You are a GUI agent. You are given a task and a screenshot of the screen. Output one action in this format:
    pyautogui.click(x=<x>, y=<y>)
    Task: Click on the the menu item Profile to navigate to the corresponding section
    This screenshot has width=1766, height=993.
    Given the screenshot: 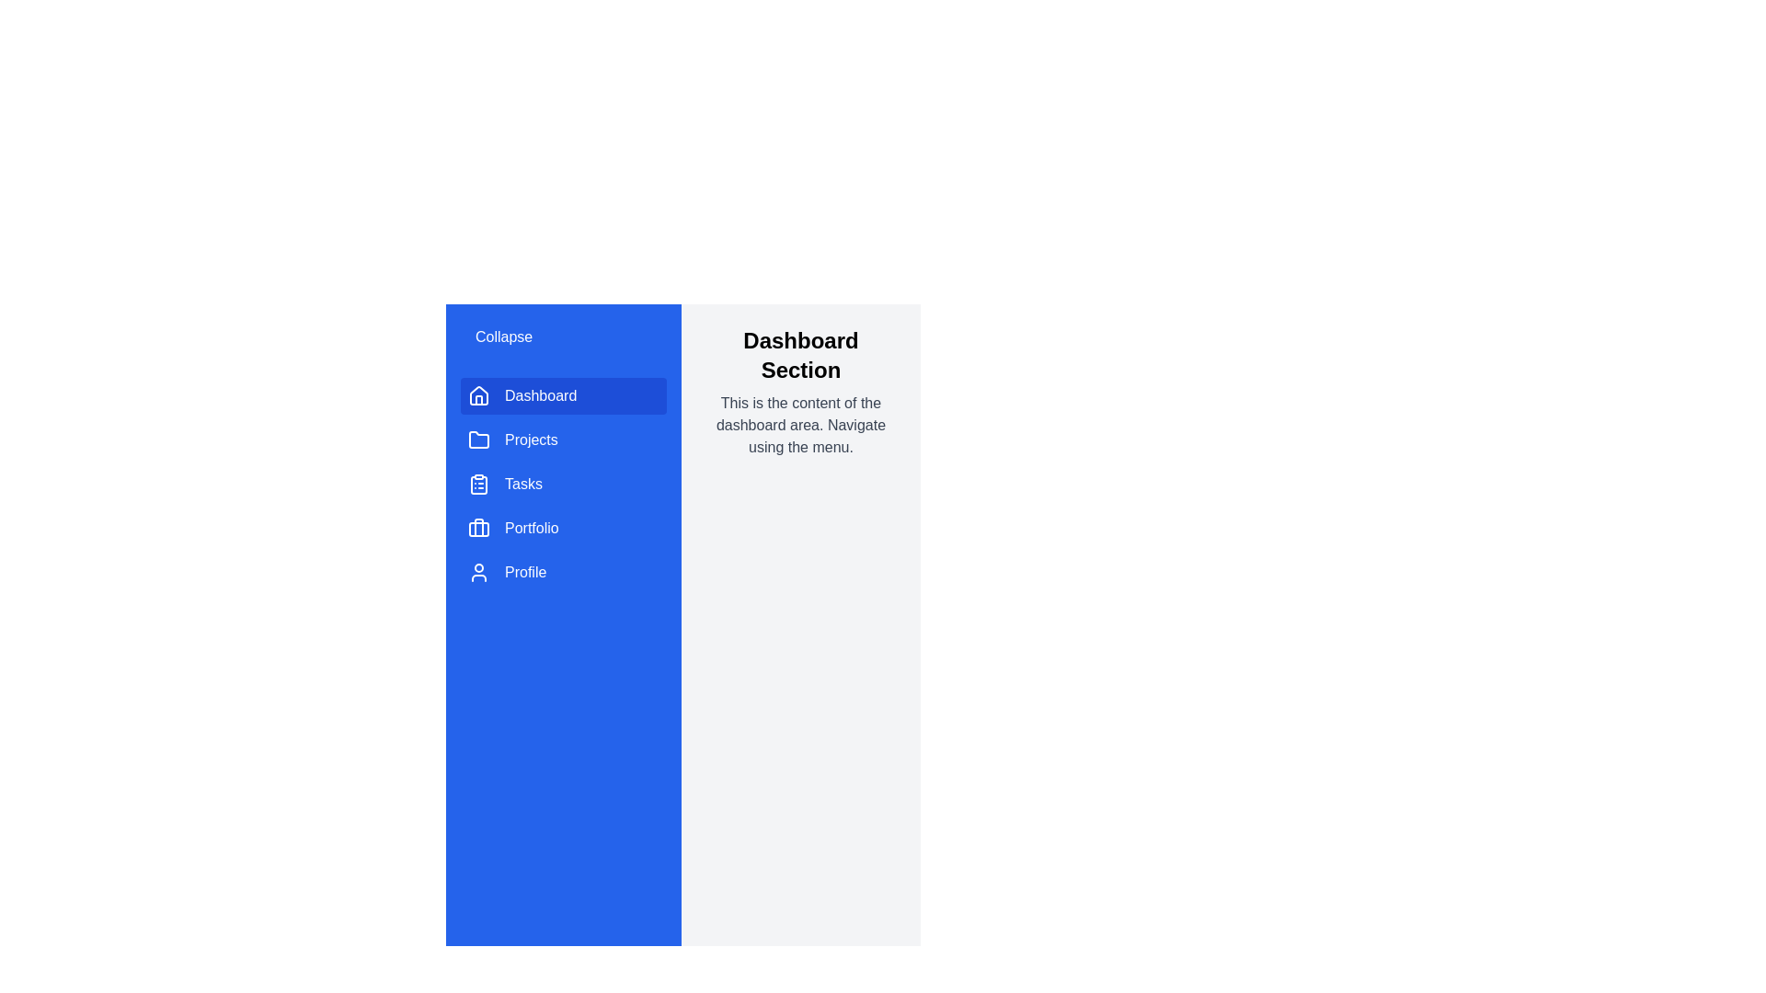 What is the action you would take?
    pyautogui.click(x=563, y=572)
    